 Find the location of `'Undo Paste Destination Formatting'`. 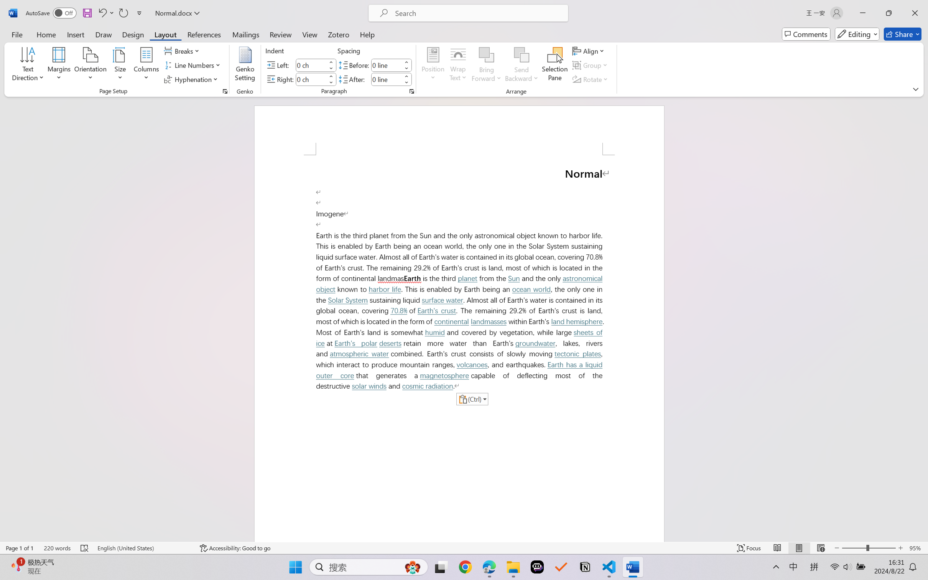

'Undo Paste Destination Formatting' is located at coordinates (105, 13).